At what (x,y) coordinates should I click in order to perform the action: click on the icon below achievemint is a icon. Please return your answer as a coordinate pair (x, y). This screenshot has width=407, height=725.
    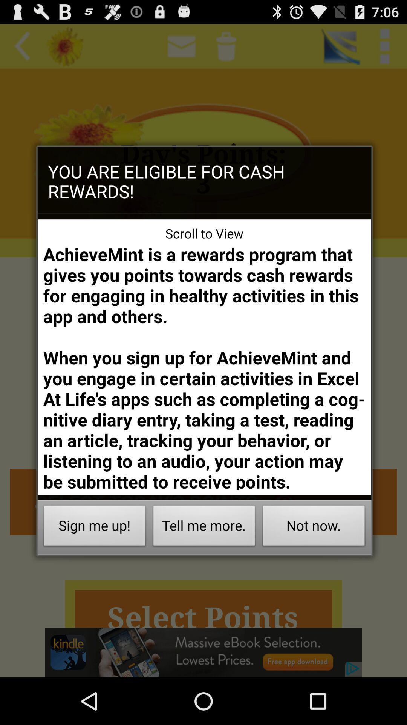
    Looking at the image, I should click on (204, 527).